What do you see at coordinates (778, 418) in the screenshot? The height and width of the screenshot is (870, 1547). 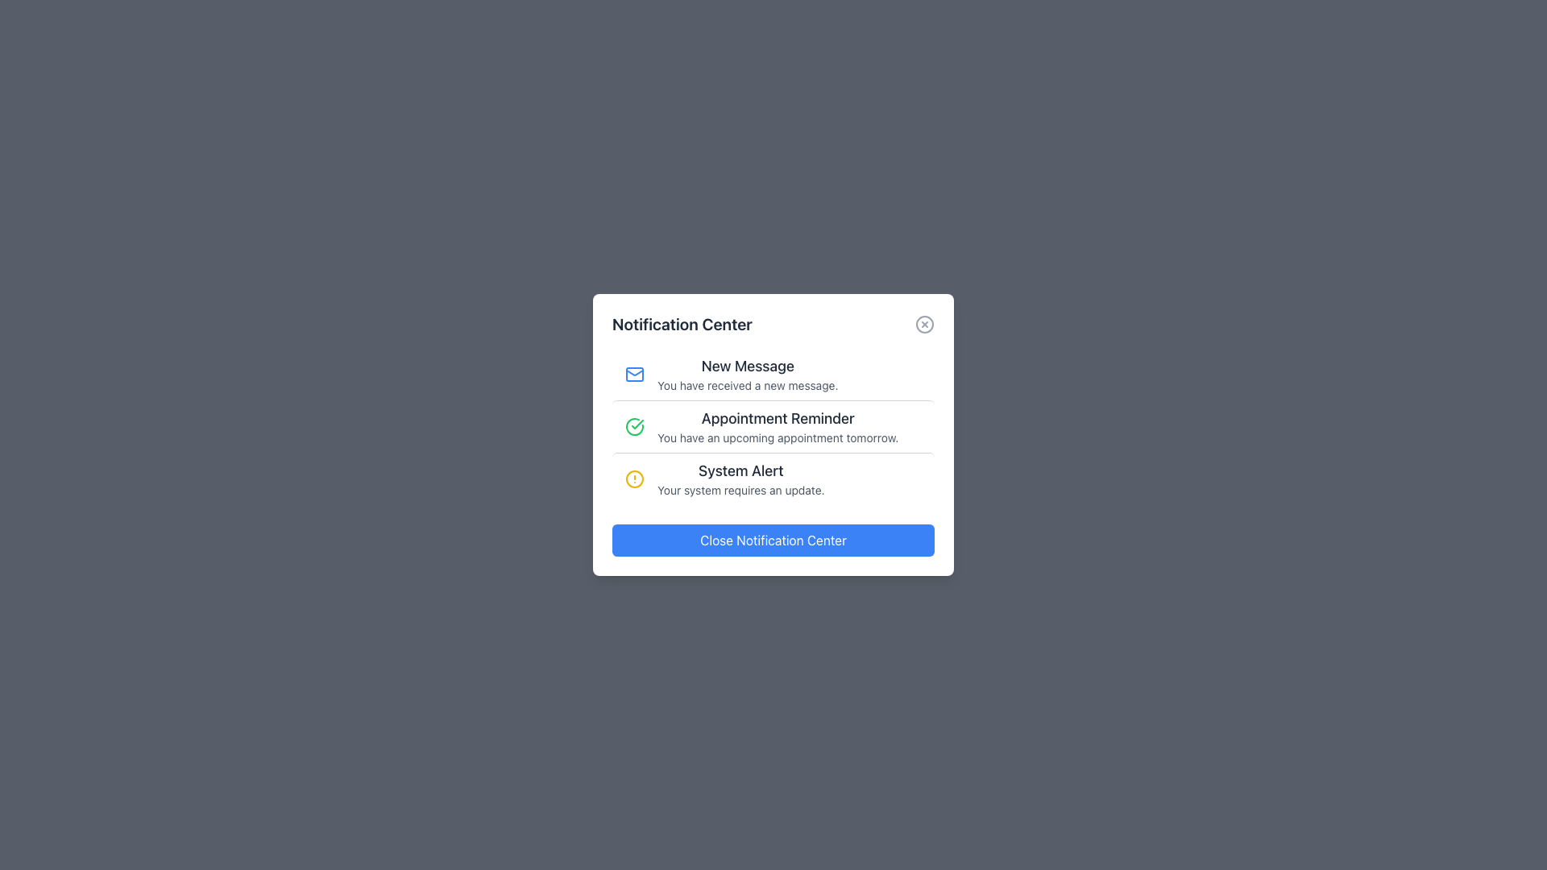 I see `the Text Label that serves as the title of a notification message, located in the middle section of the notification box under 'Notification Center'` at bounding box center [778, 418].